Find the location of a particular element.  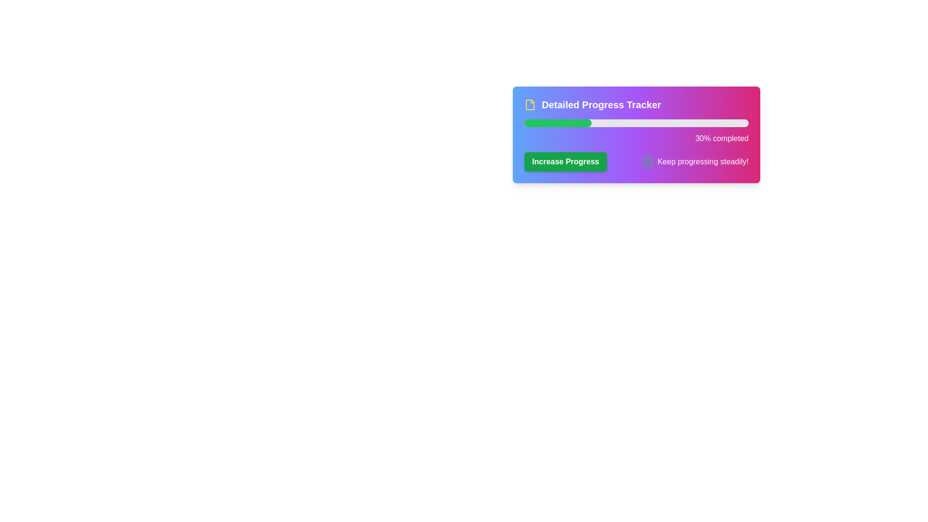

the file icon with a yellow border and colorful fill, located to the left of the title text 'Detailed Progress Tracker' in the card section is located at coordinates (530, 104).